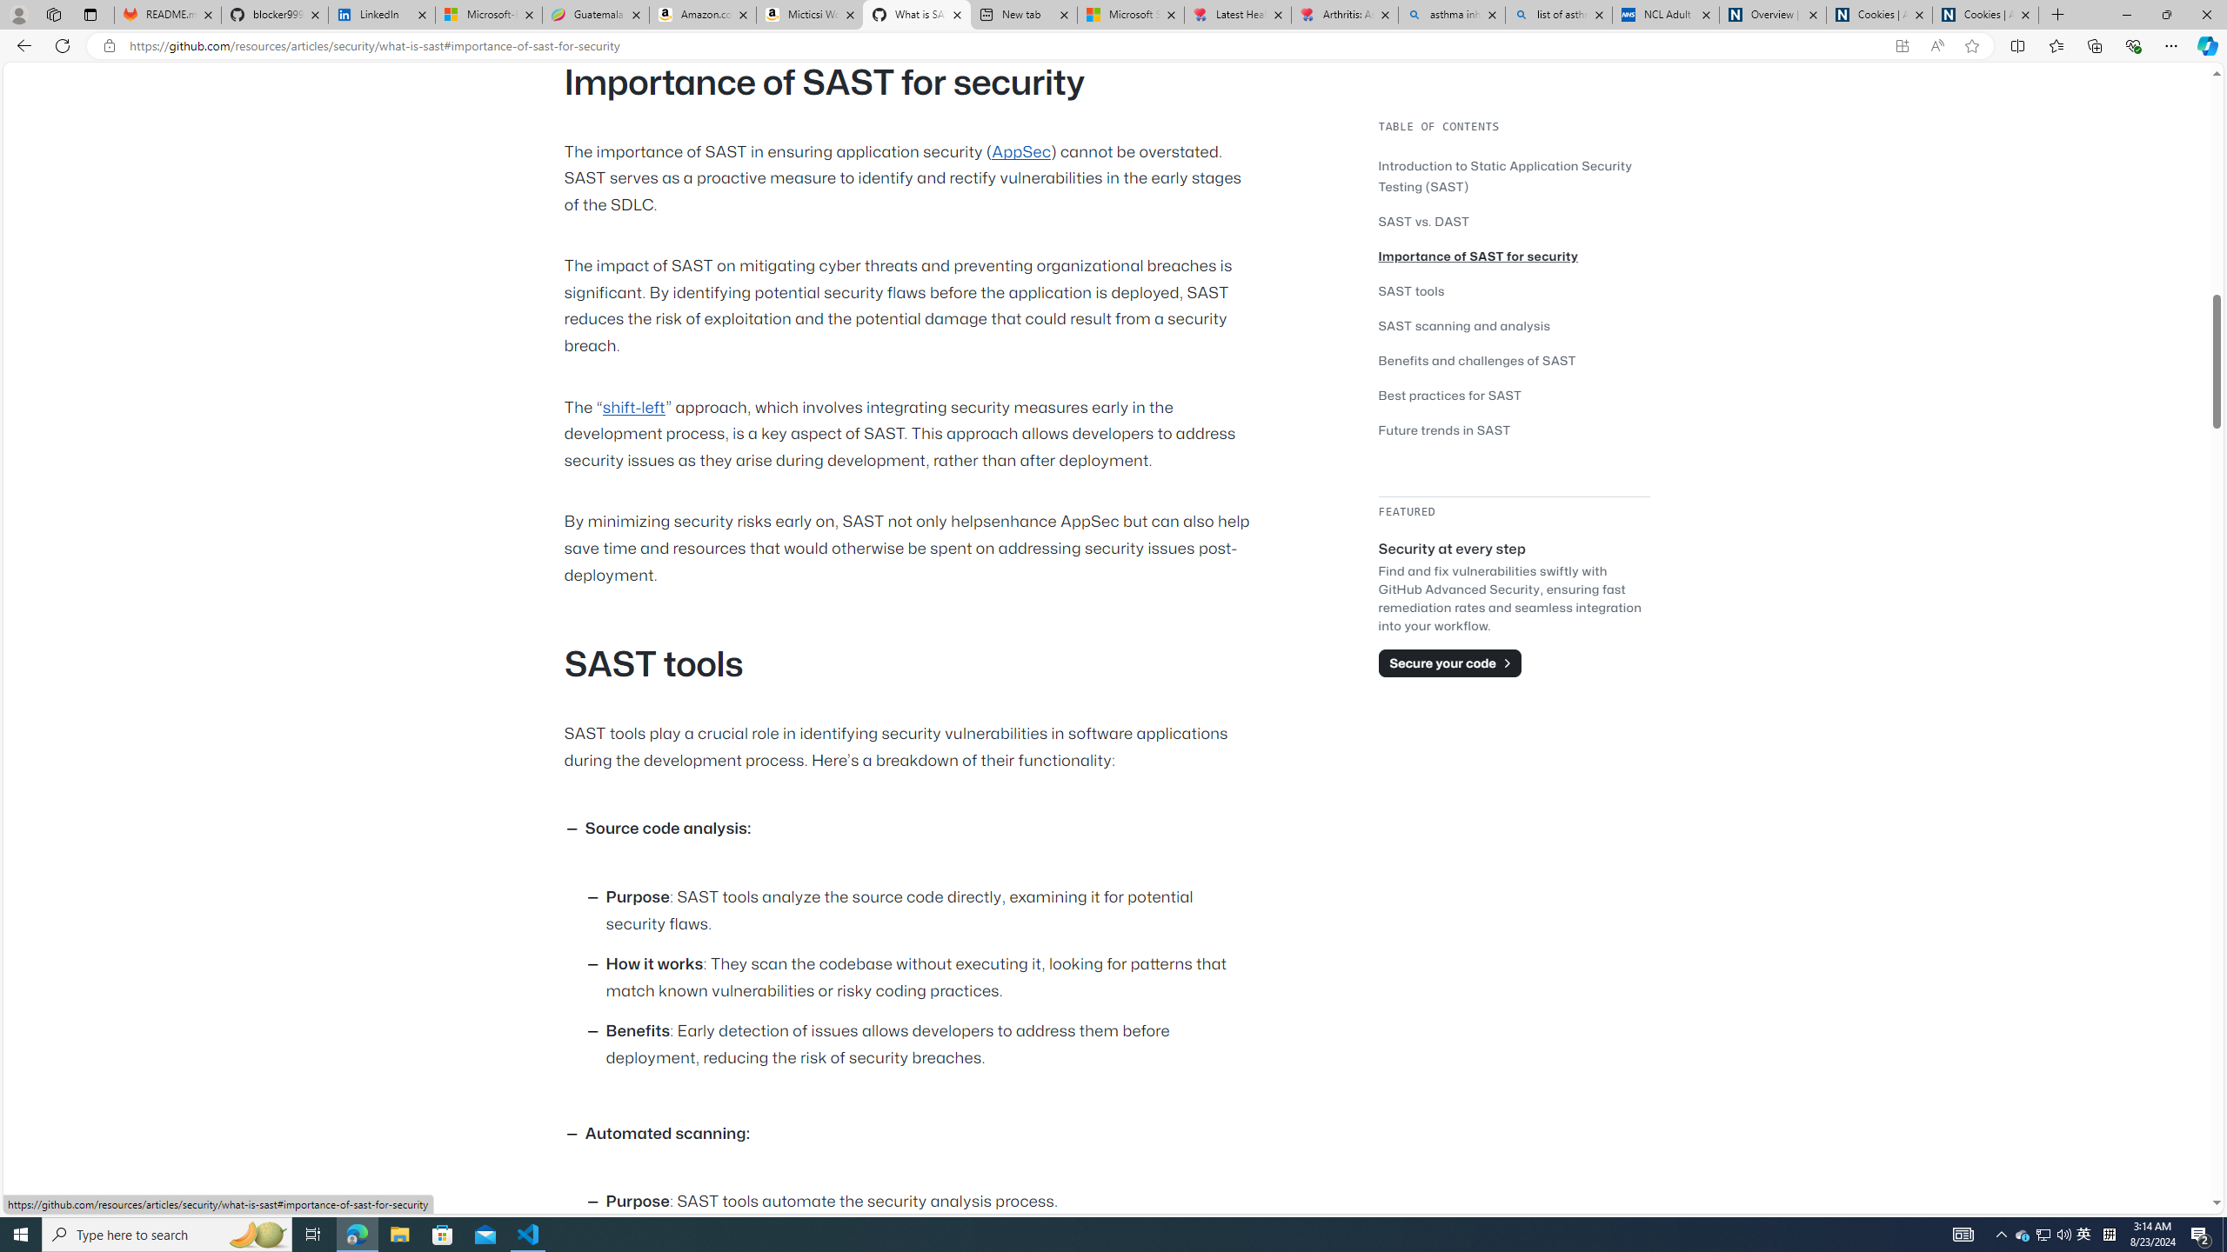 This screenshot has width=2227, height=1252. What do you see at coordinates (1514, 290) in the screenshot?
I see `'SAST tools'` at bounding box center [1514, 290].